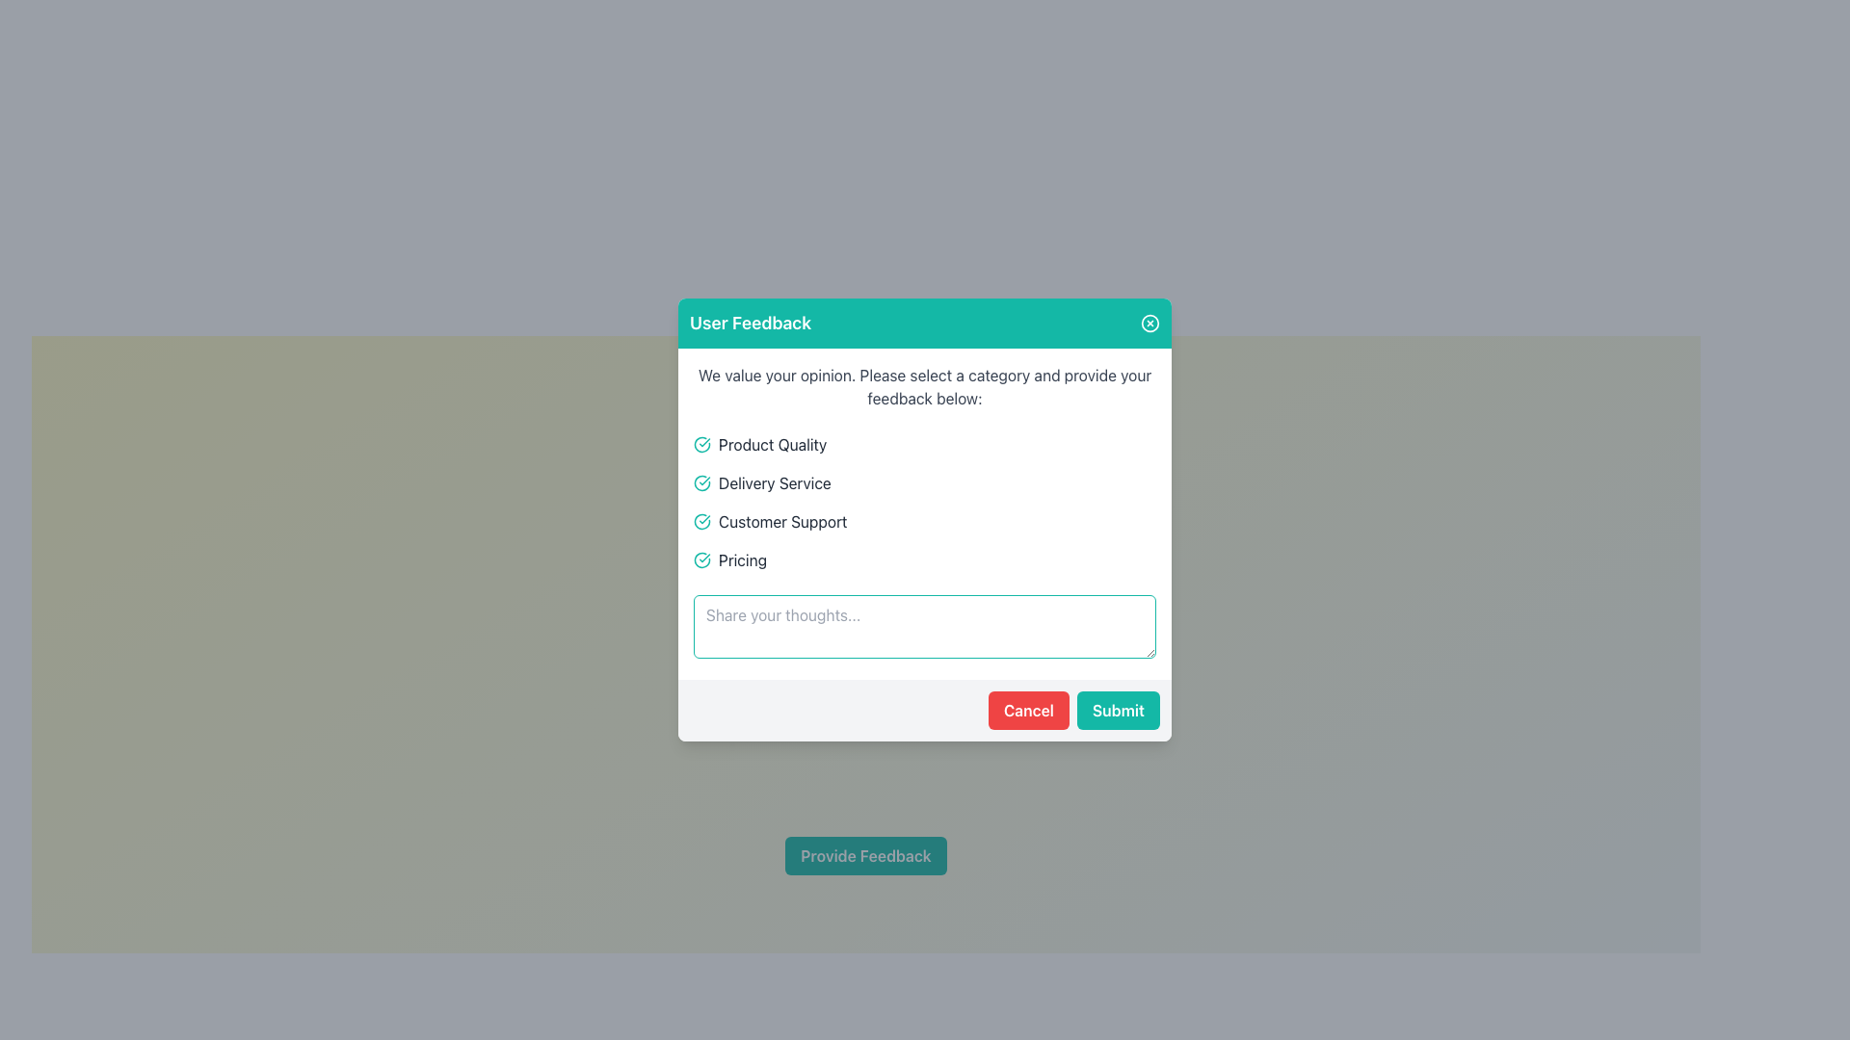  I want to click on the small circular button with a white border and 'X' icon located at the far right of the header section of the modal dialog box for accessibility purposes, so click(1150, 322).